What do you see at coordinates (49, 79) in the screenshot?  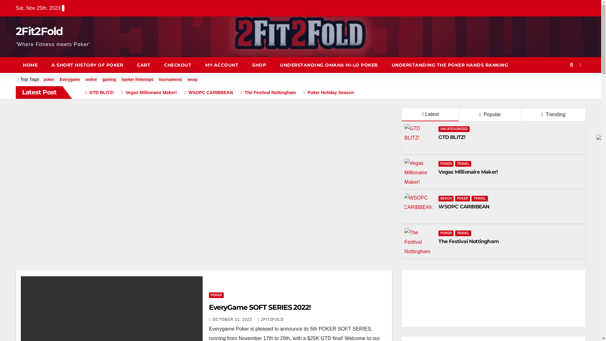 I see `'poker'` at bounding box center [49, 79].